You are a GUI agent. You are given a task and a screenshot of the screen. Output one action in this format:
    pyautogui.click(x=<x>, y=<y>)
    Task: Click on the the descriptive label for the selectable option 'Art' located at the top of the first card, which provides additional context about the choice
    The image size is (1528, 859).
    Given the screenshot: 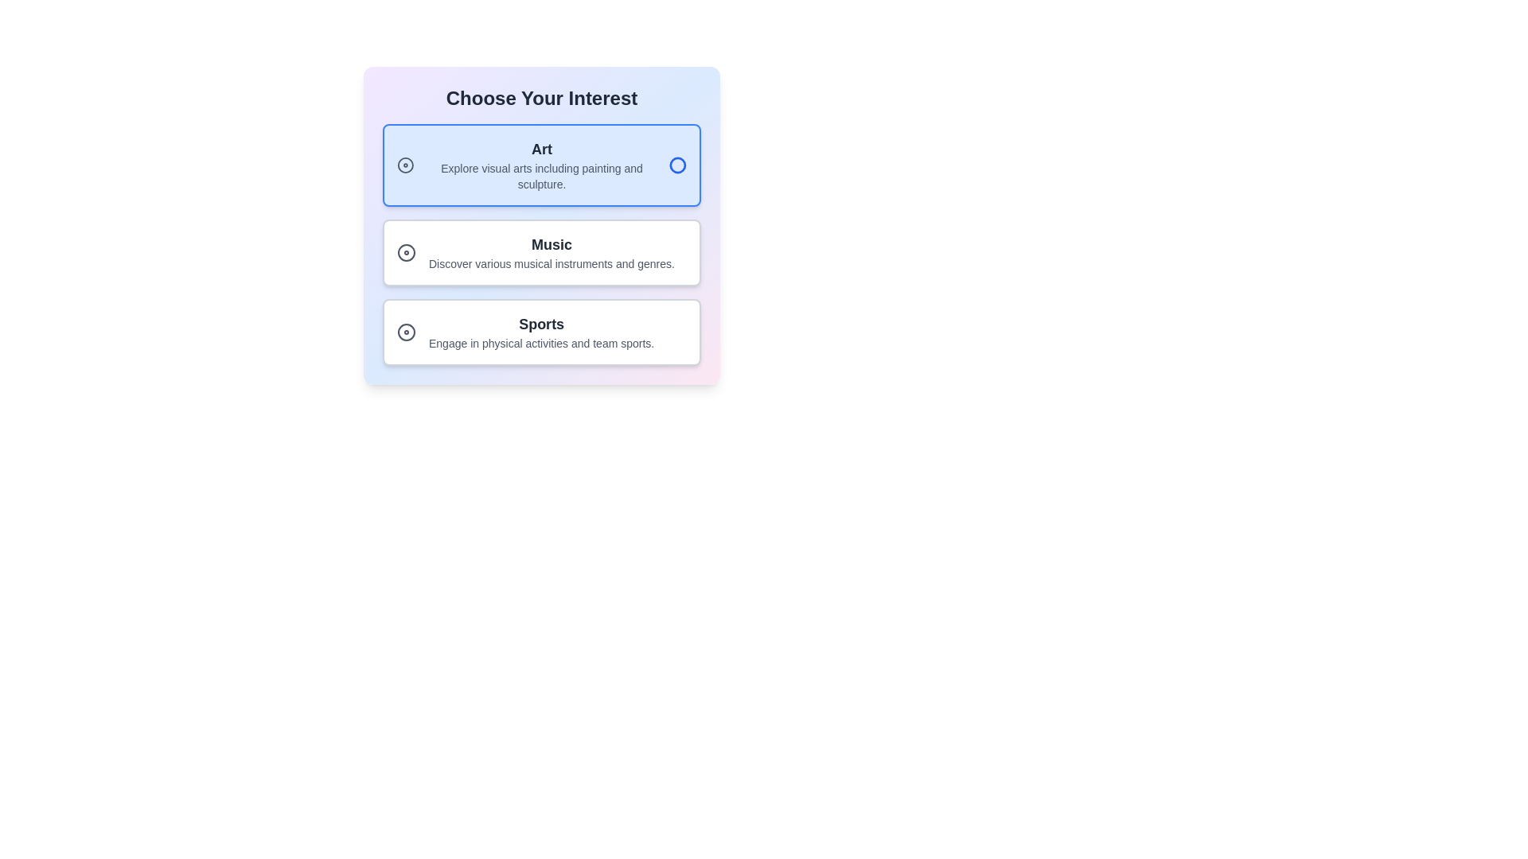 What is the action you would take?
    pyautogui.click(x=542, y=165)
    